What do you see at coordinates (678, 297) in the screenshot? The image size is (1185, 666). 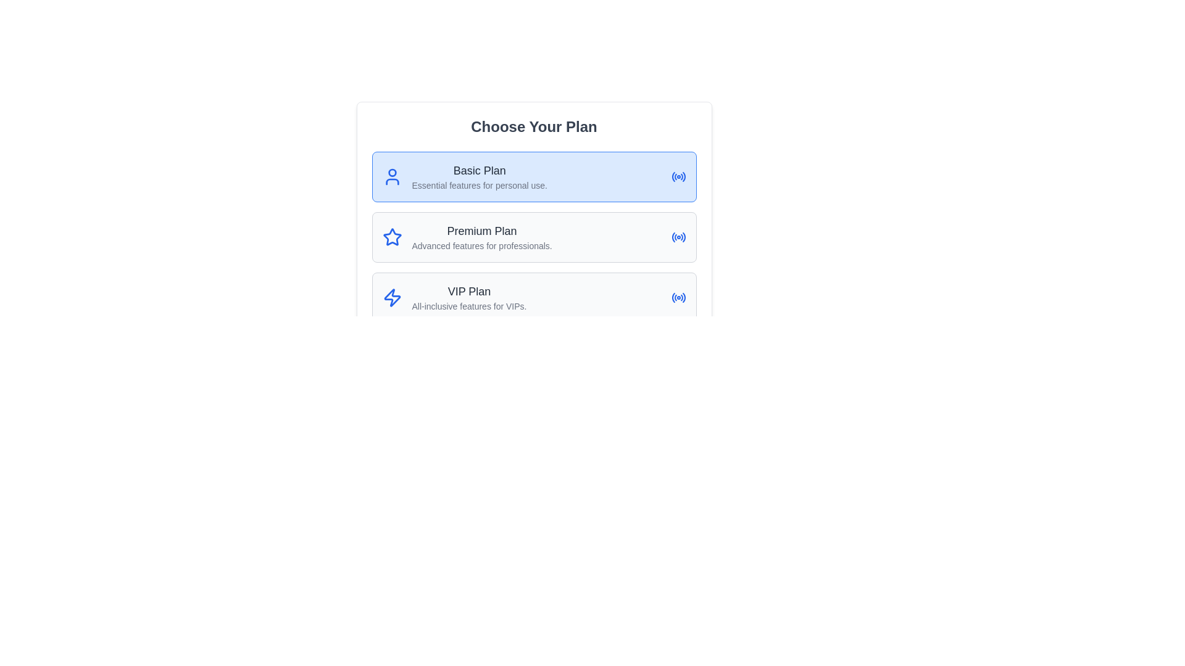 I see `the circular radio indicator for the 'VIP Plan' option, which is positioned to the far right at the bottom of the subscription options list` at bounding box center [678, 297].